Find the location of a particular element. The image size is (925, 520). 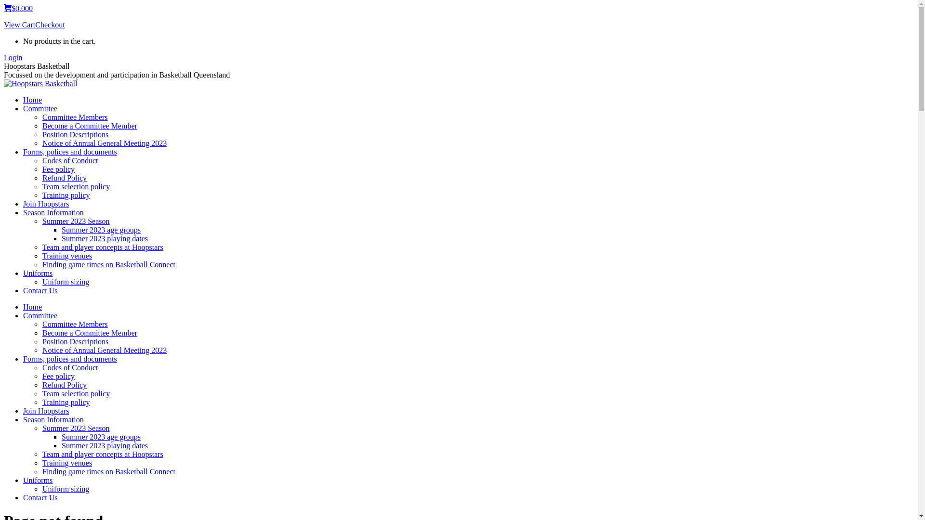

'Skip to content' is located at coordinates (3, 3).